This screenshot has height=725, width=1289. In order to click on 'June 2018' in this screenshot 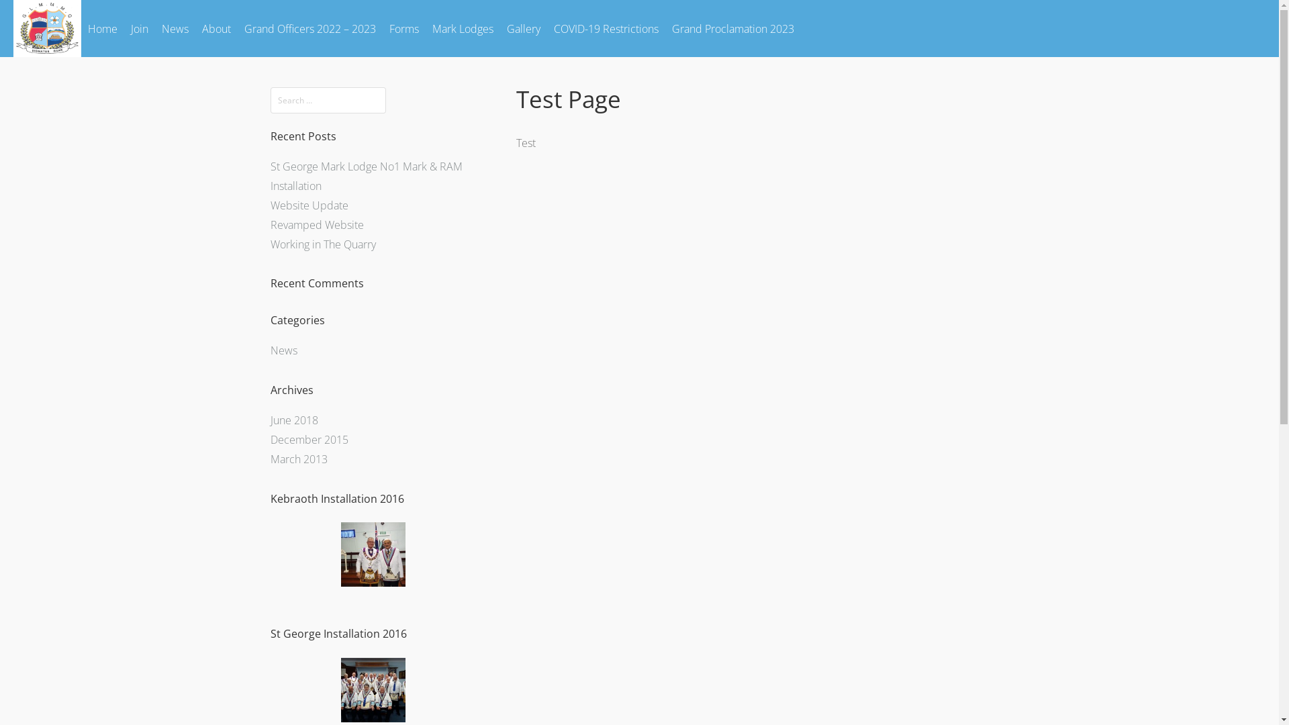, I will do `click(269, 419)`.